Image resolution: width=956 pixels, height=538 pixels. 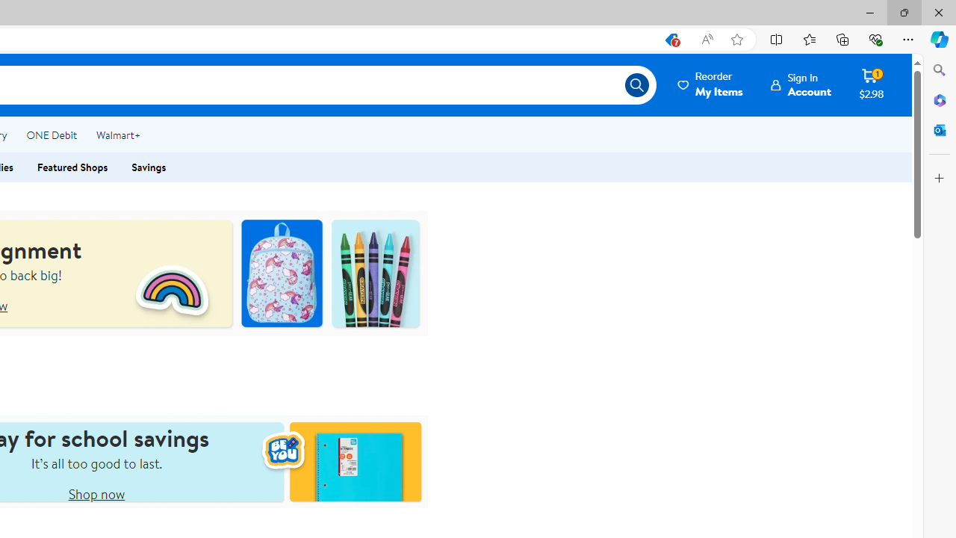 I want to click on 'Sign InAccount', so click(x=801, y=84).